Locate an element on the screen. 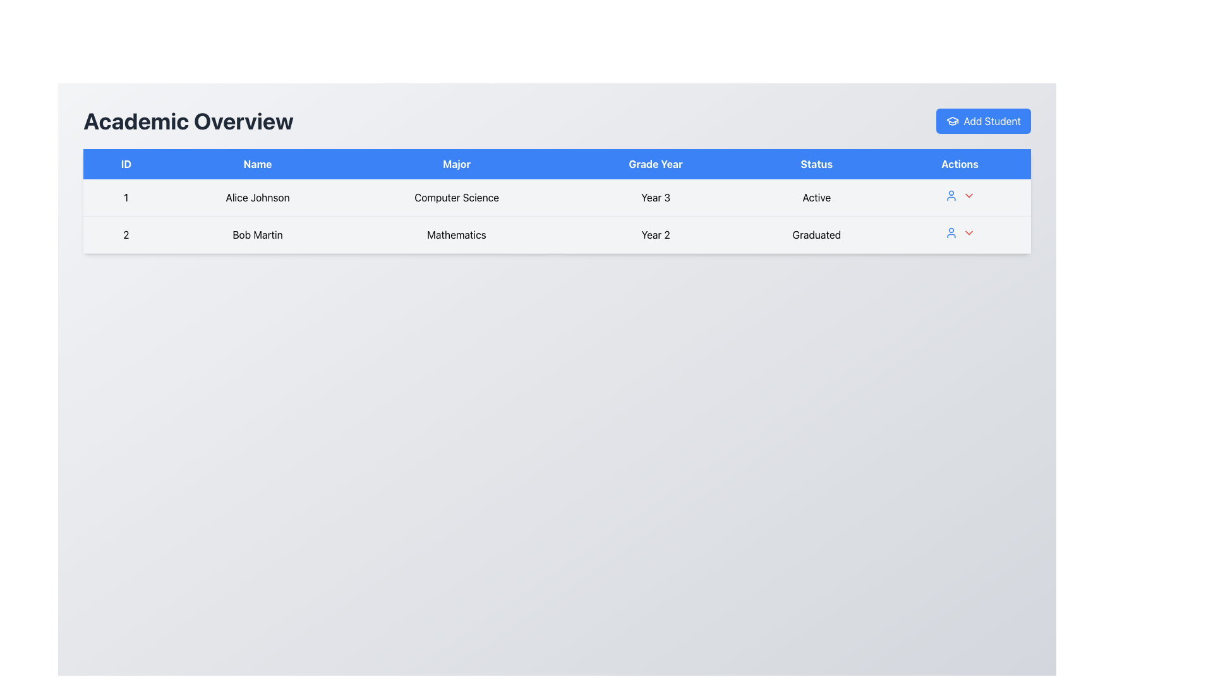  the user-related action icon button located in the 'Actions' column of the second row in the displayed table to observe styling changes is located at coordinates (951, 195).